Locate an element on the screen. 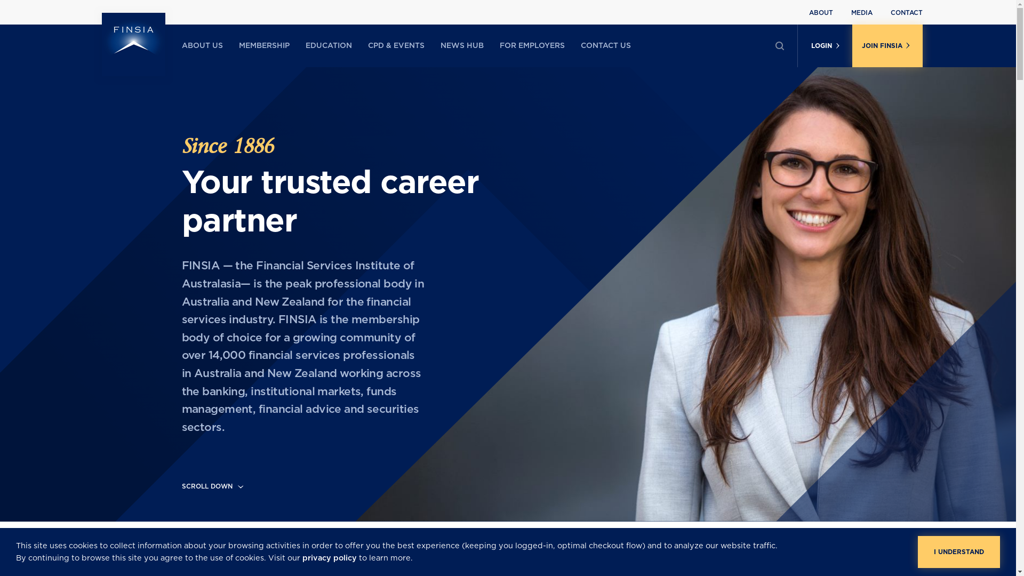 The image size is (1024, 576). 'CPD & EVENTS' is located at coordinates (396, 45).